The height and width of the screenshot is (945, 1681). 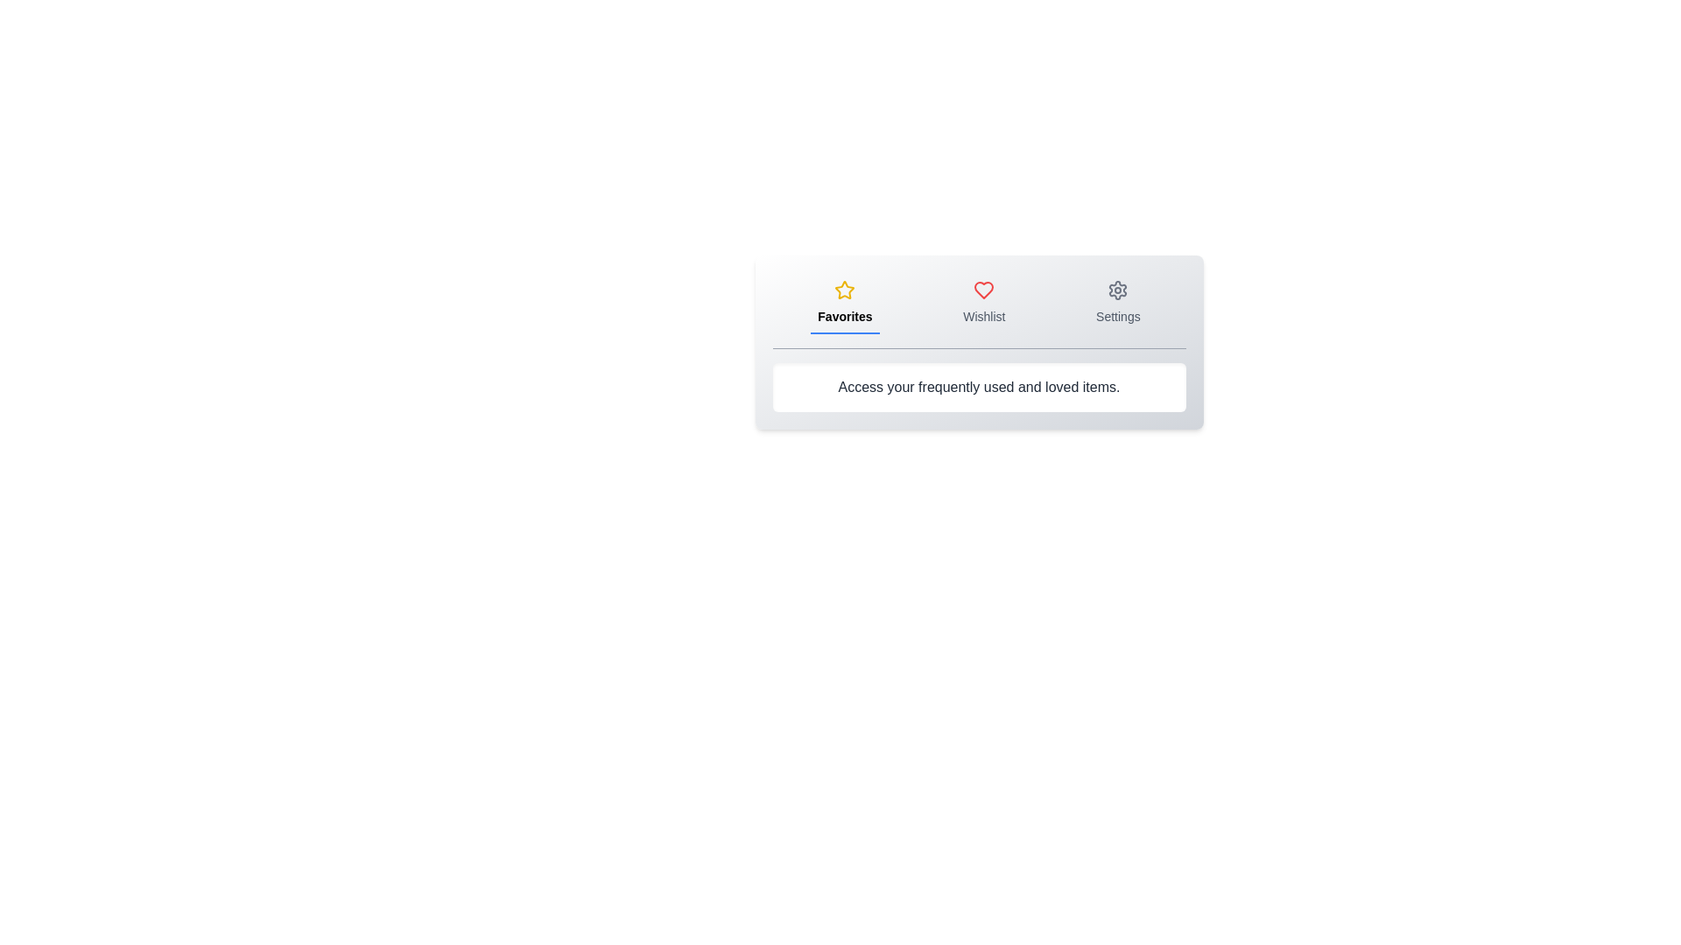 What do you see at coordinates (1117, 303) in the screenshot?
I see `the Settings tab` at bounding box center [1117, 303].